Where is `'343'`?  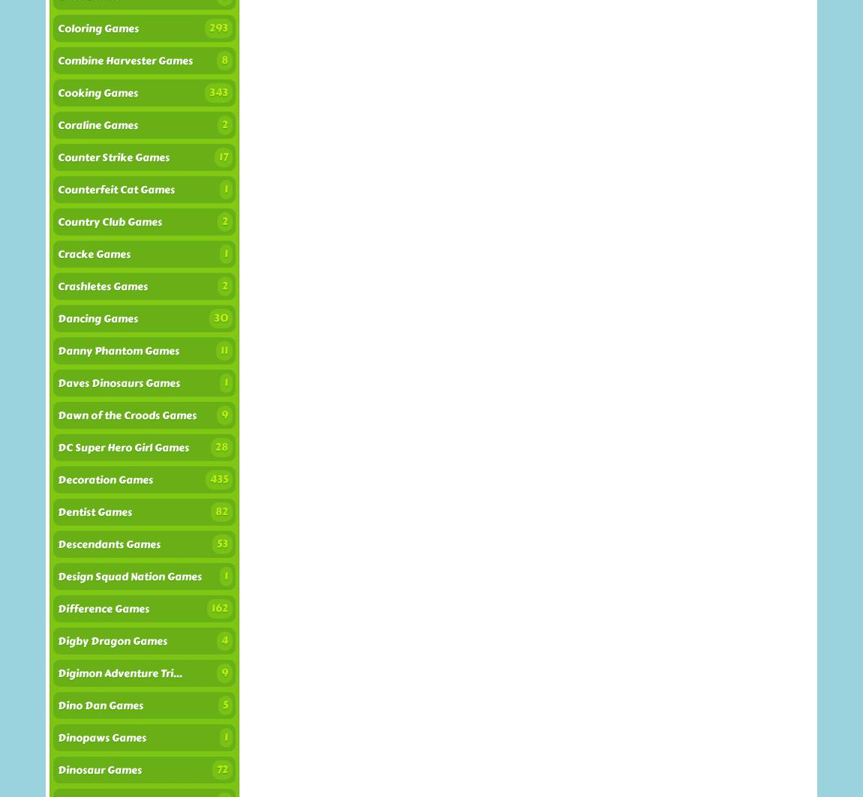
'343' is located at coordinates (218, 92).